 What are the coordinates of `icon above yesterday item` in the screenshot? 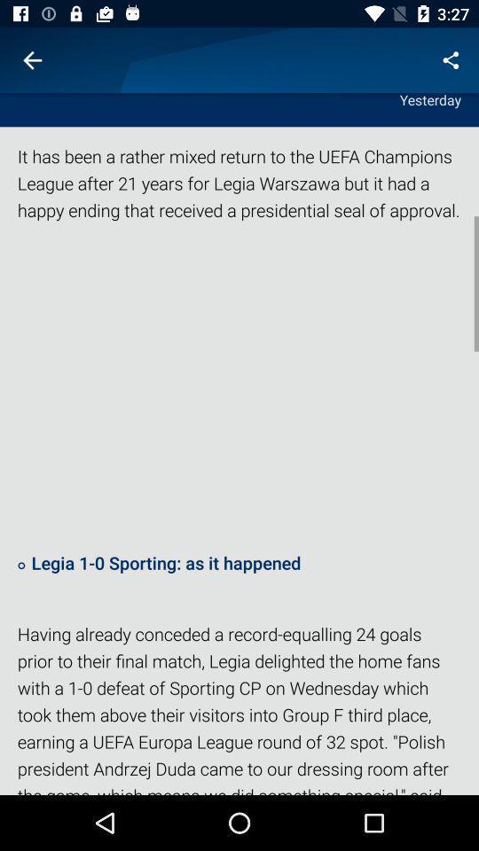 It's located at (451, 60).